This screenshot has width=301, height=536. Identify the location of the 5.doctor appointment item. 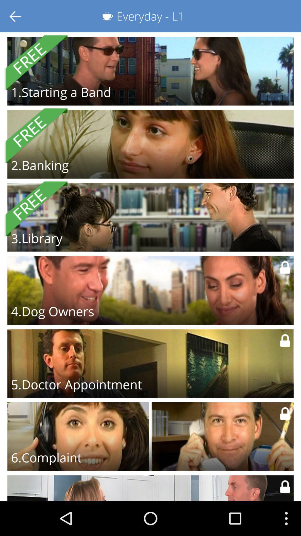
(76, 384).